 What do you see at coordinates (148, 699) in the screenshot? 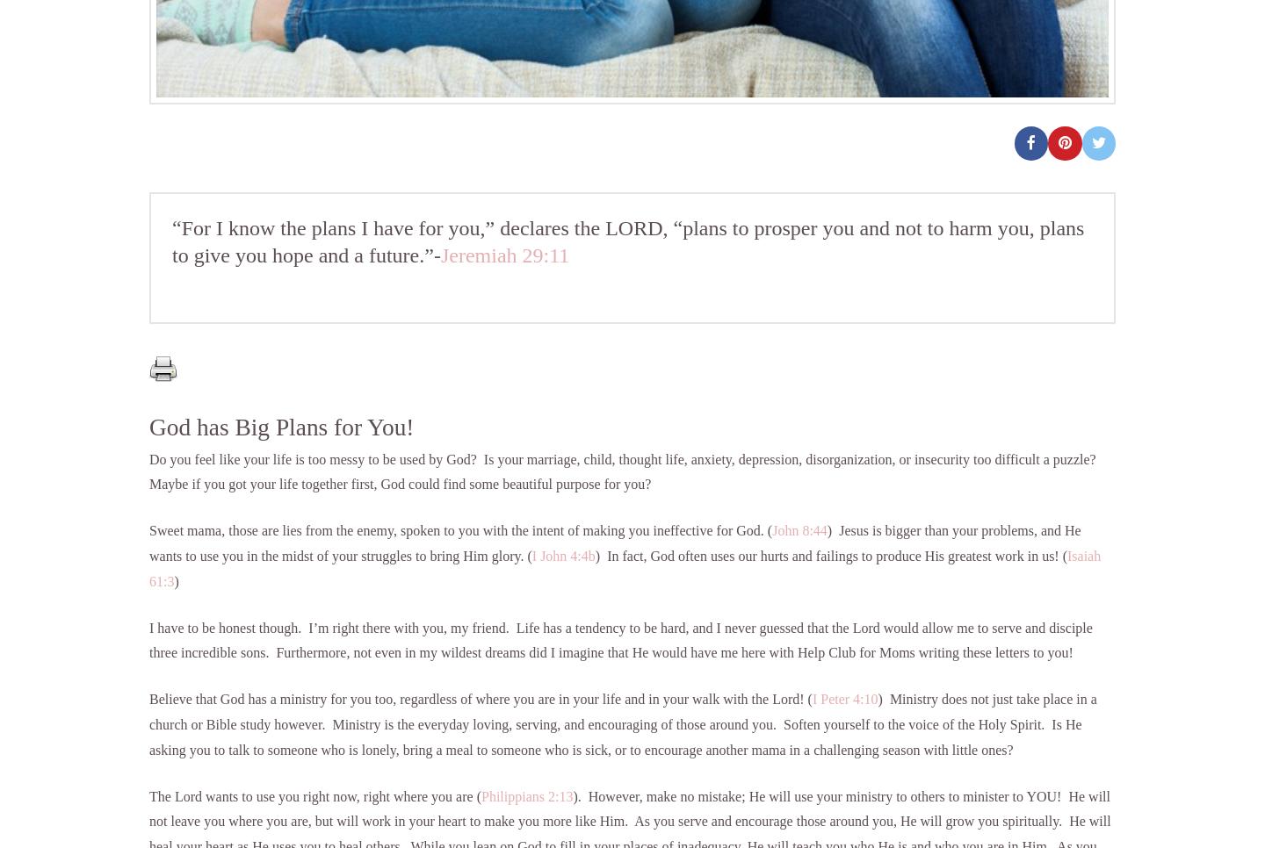
I see `'Believe that God has a ministry for you too, regardless of where you are in your life and in your walk with the Lord! ('` at bounding box center [148, 699].